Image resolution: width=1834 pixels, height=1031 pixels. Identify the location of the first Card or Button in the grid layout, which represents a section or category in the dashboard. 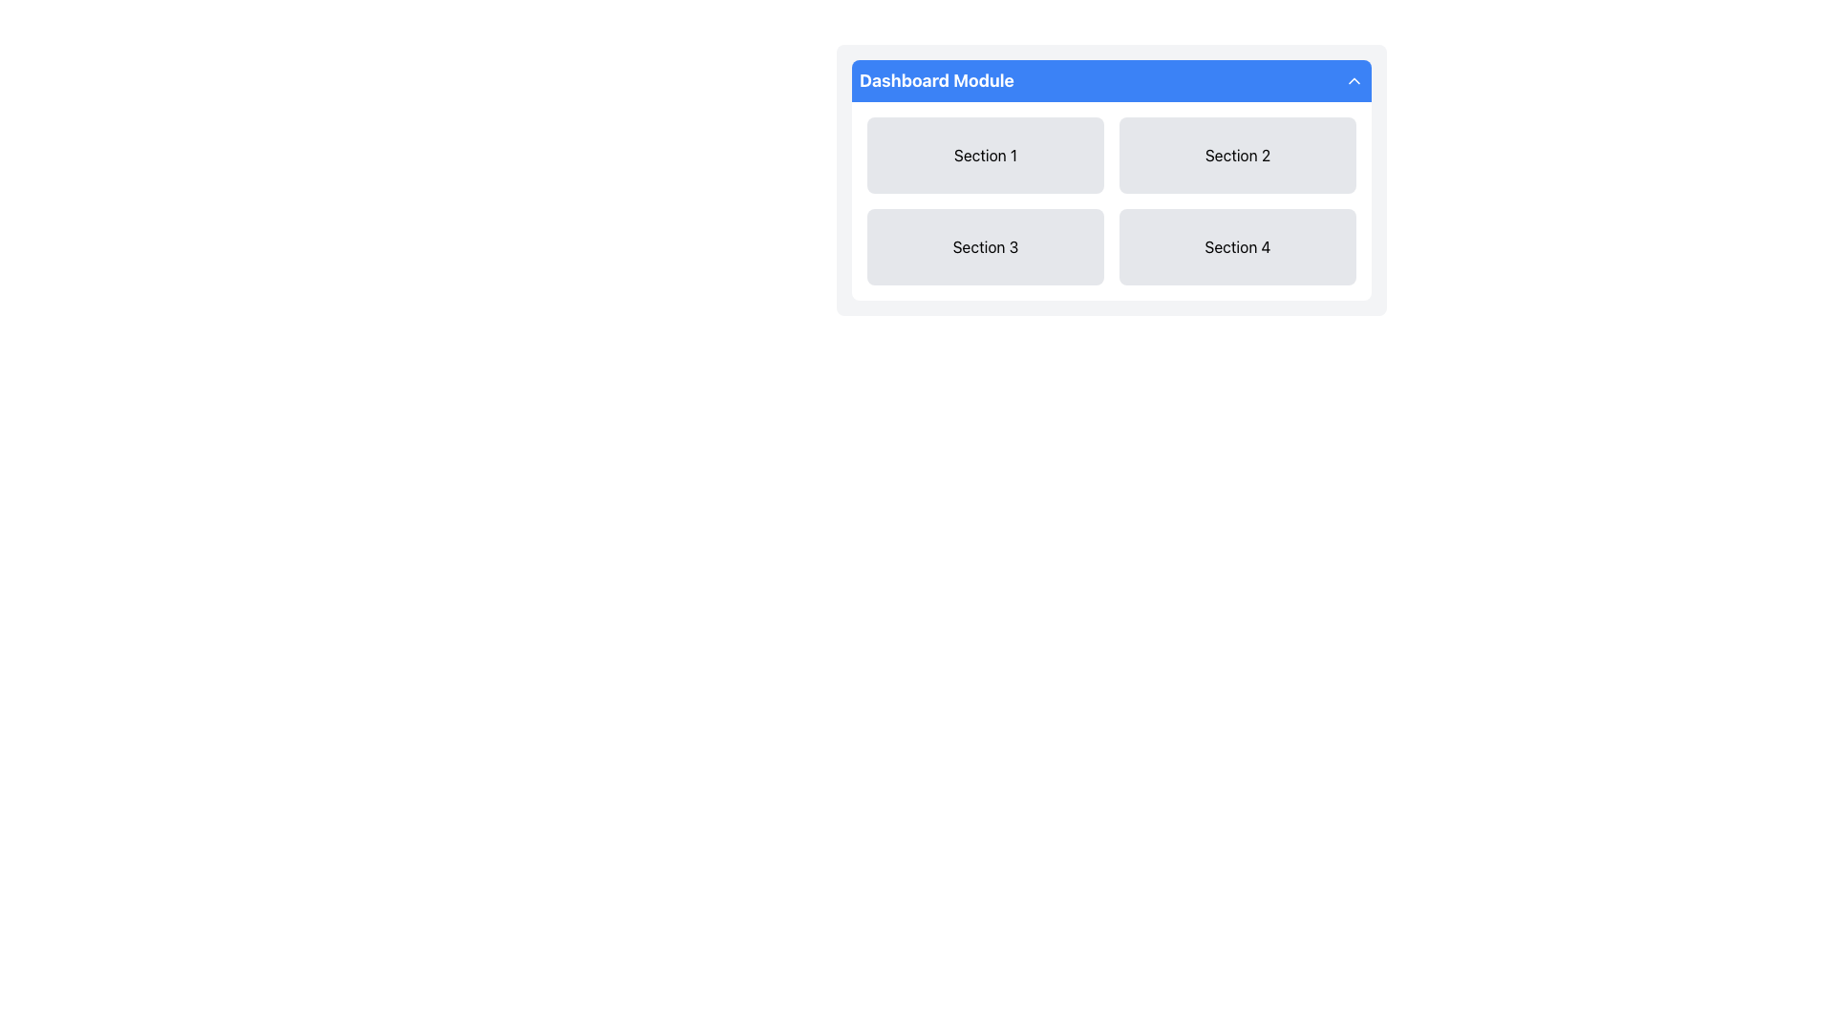
(986, 154).